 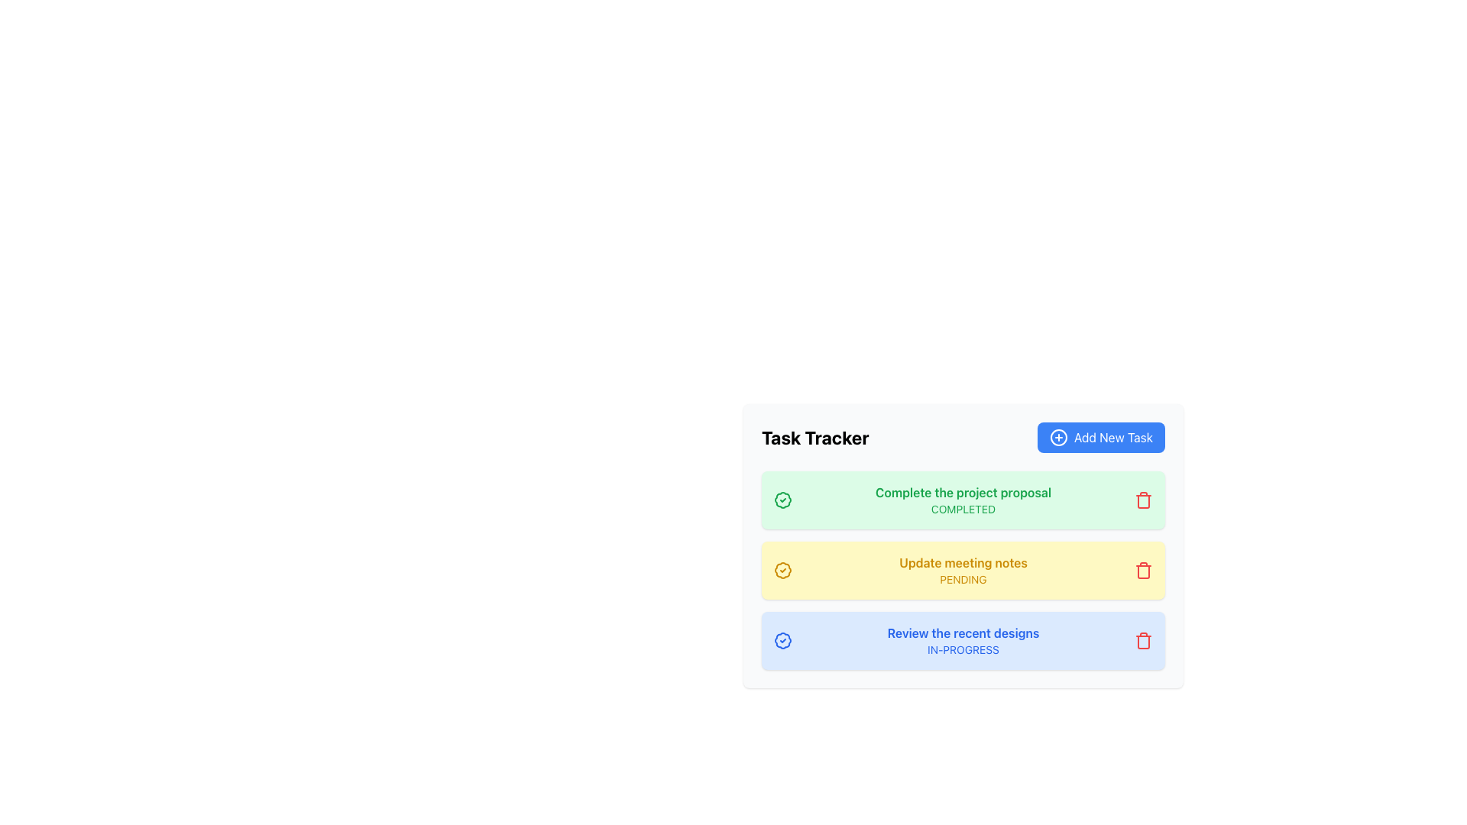 I want to click on the Text Label that displays the title and status of a task, which indicates the task is 'COMPLETED' and is located in the first task card of the vertical task list under 'Task Tracker', so click(x=963, y=500).